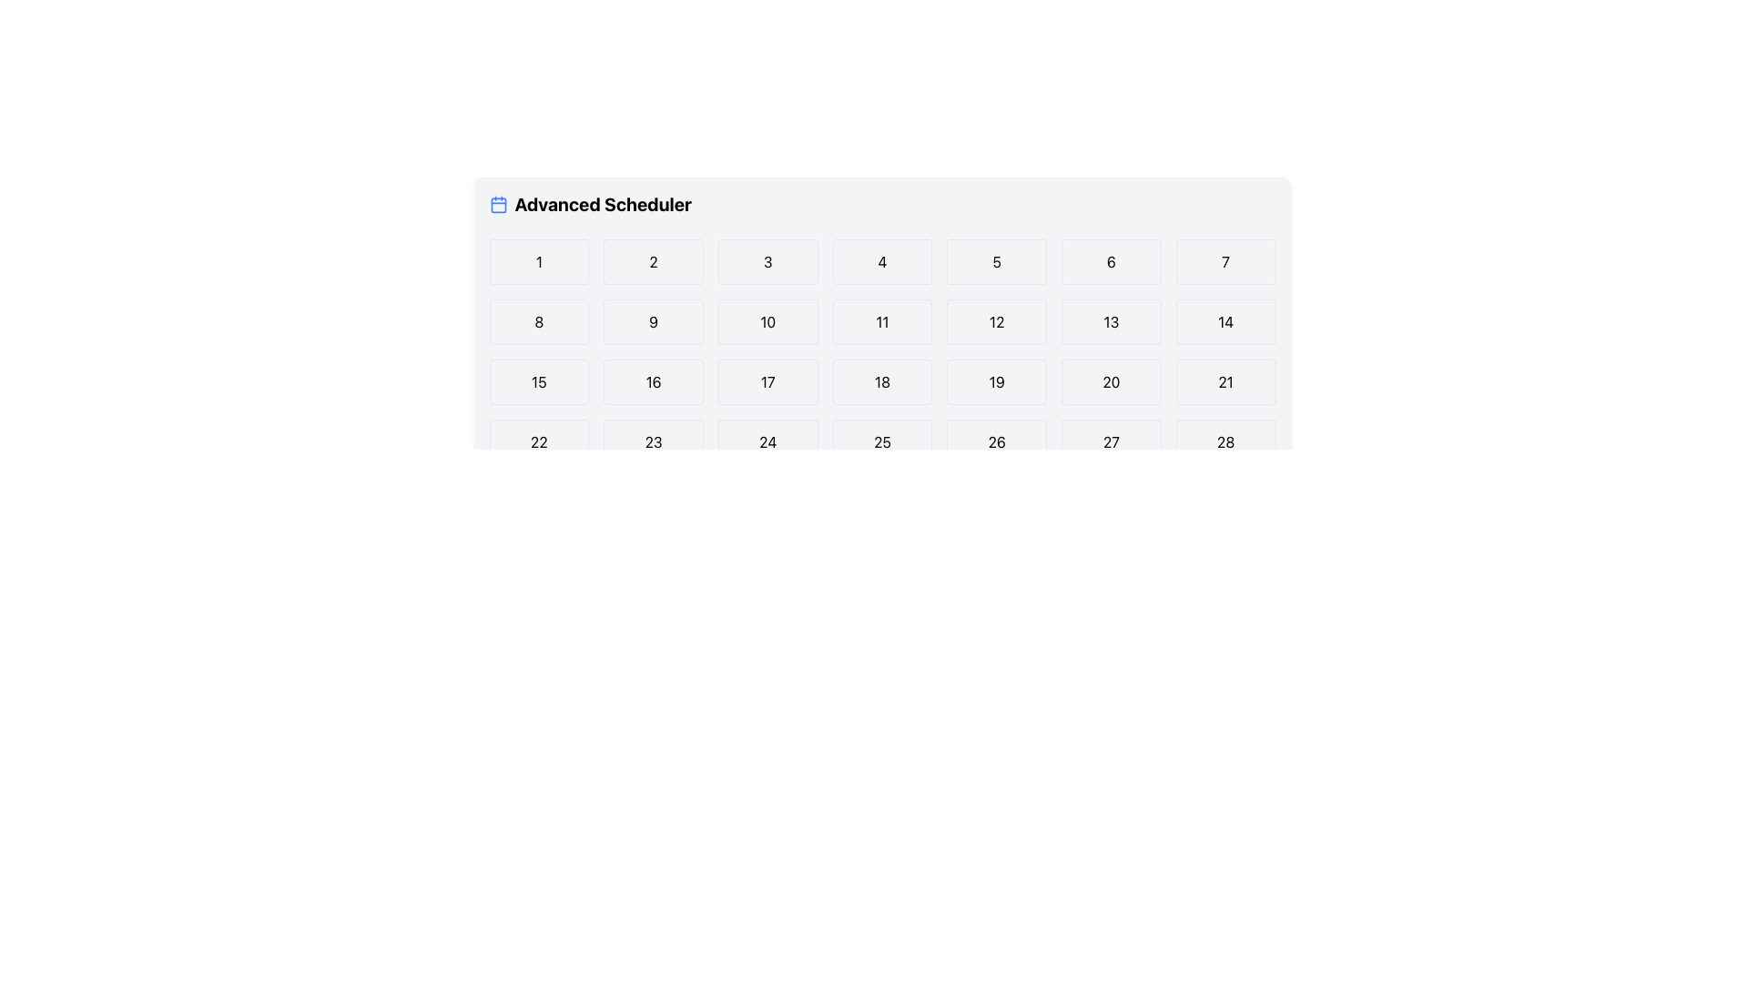 The width and height of the screenshot is (1748, 983). Describe the element at coordinates (1110, 321) in the screenshot. I see `the Interactive calendar day selector, which is a small rectangular box with a light gray background containing the number '13' in black text` at that location.